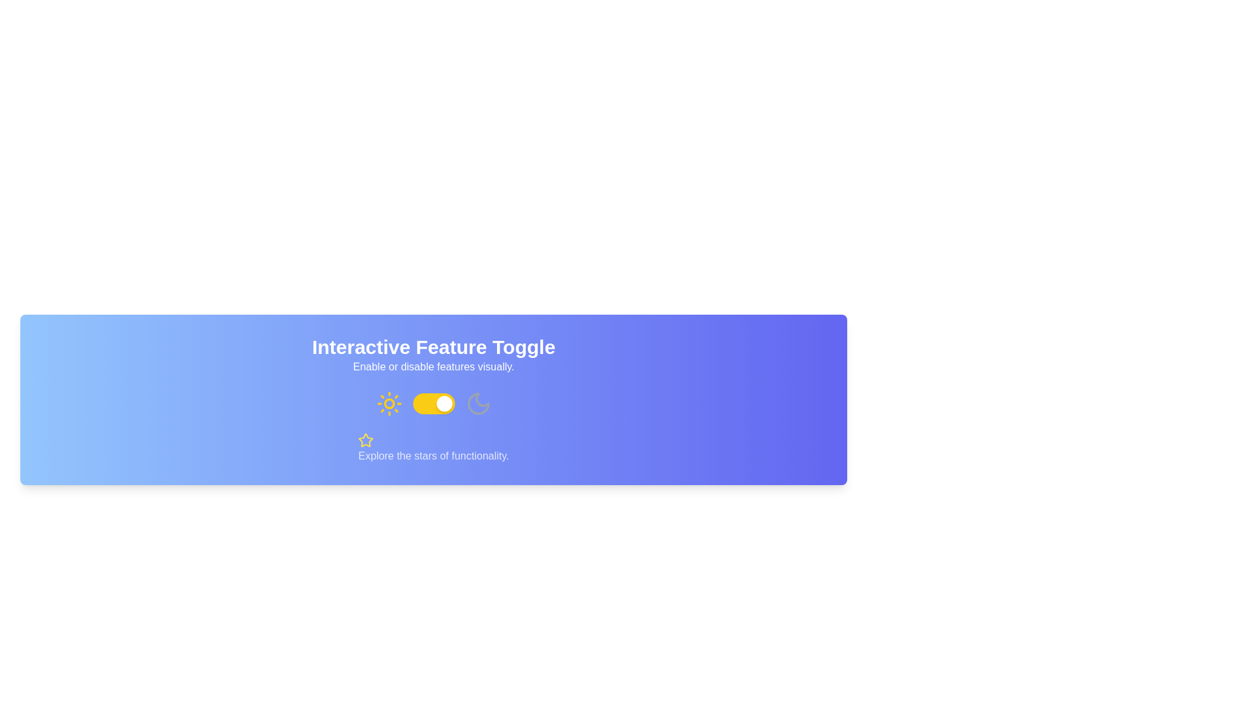 This screenshot has height=708, width=1259. I want to click on the text block titled 'Interactive Feature Toggle', so click(433, 355).